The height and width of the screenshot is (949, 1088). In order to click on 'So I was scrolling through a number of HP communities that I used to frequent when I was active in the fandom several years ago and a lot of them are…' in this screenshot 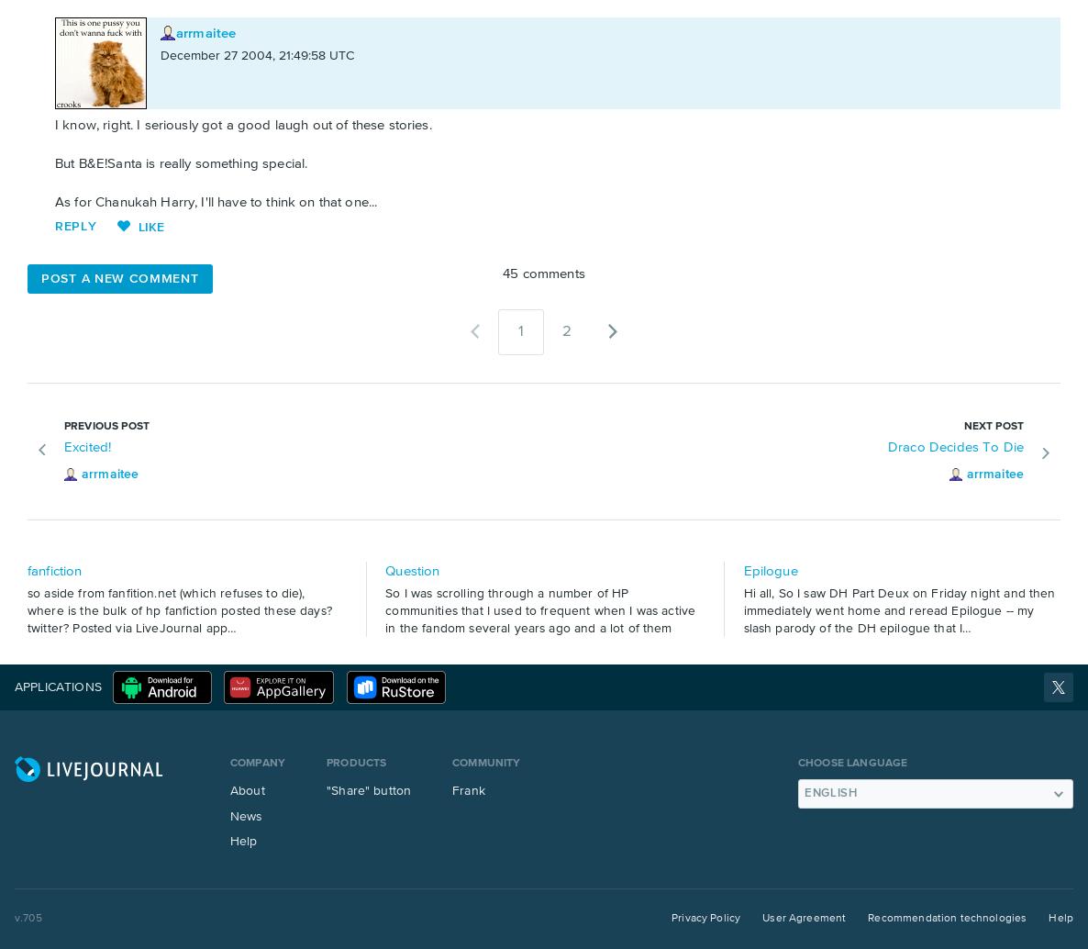, I will do `click(539, 619)`.